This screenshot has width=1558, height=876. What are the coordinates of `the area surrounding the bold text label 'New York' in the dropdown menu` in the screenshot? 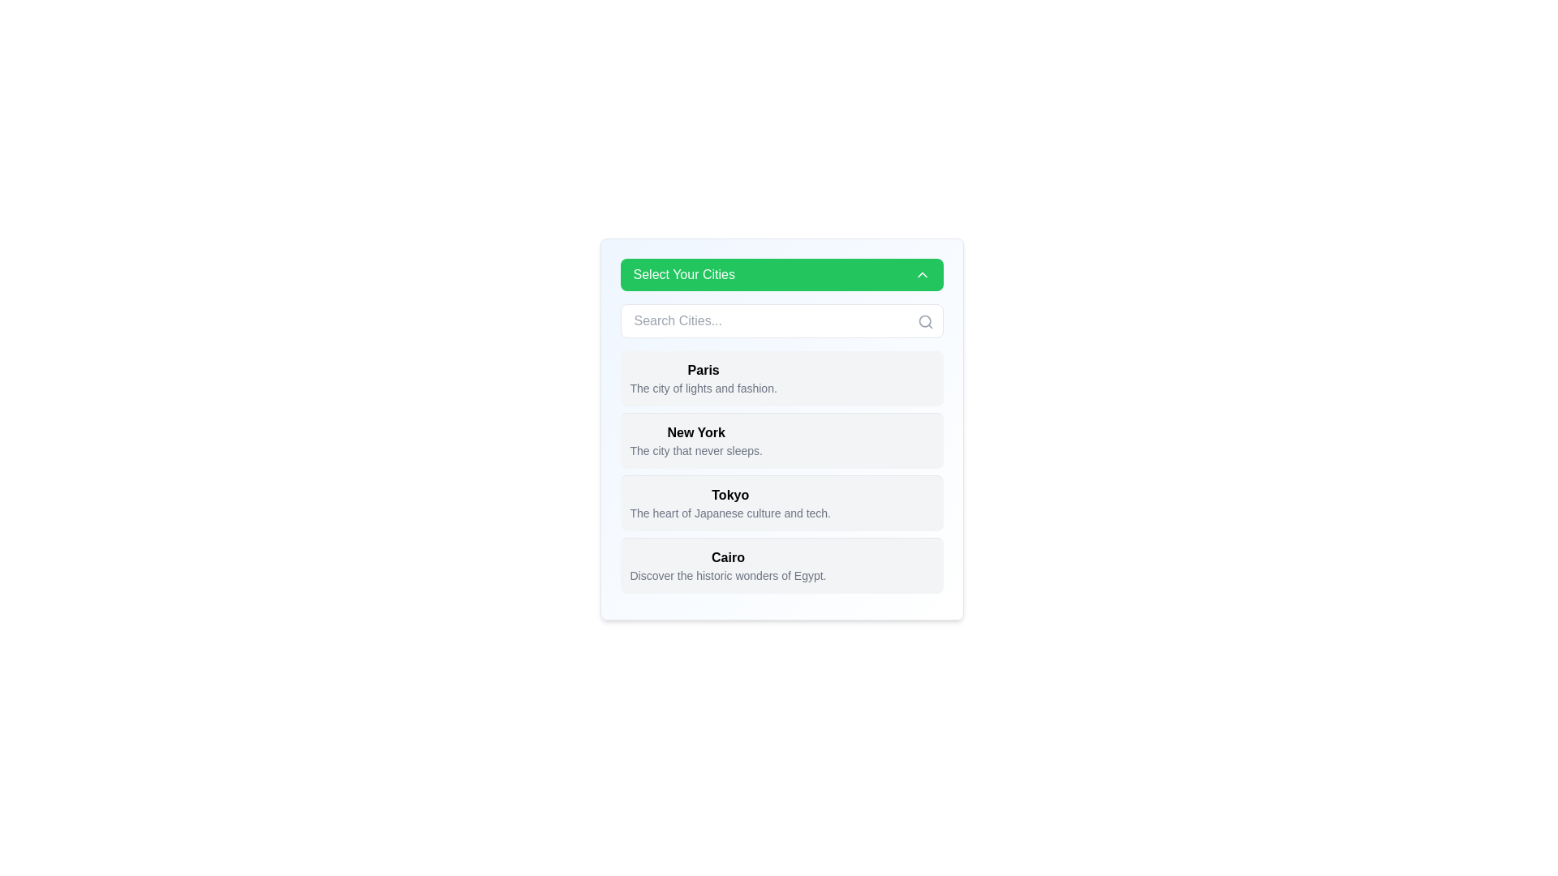 It's located at (696, 432).